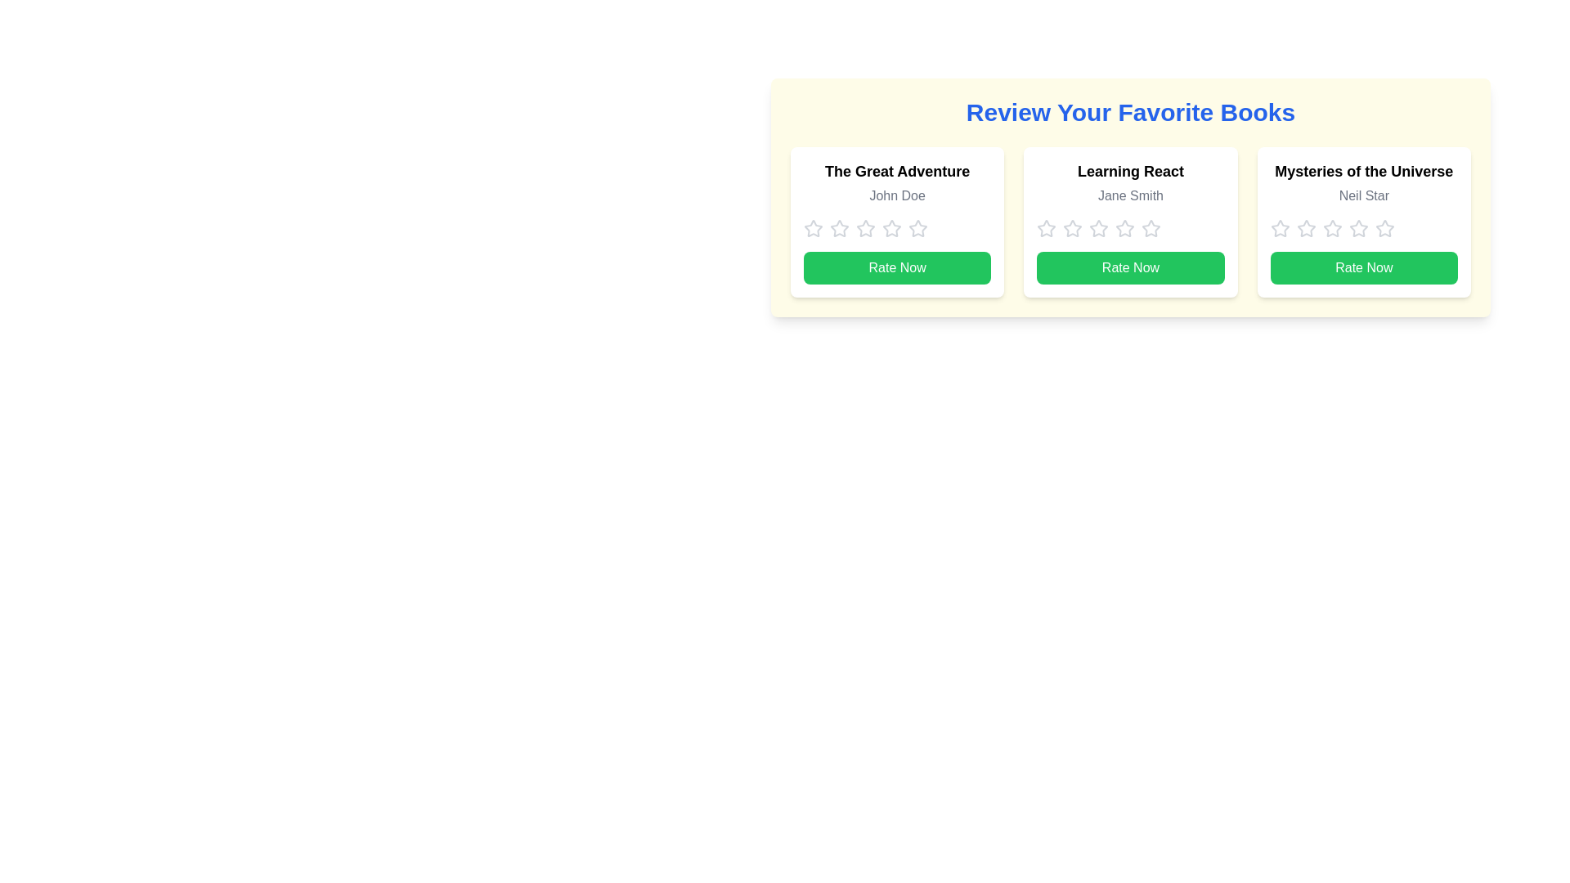 This screenshot has height=883, width=1570. I want to click on the fifth star icon in the rating system for the book 'The Great Adventure', located directly above the 'Rate Now' button, so click(890, 229).